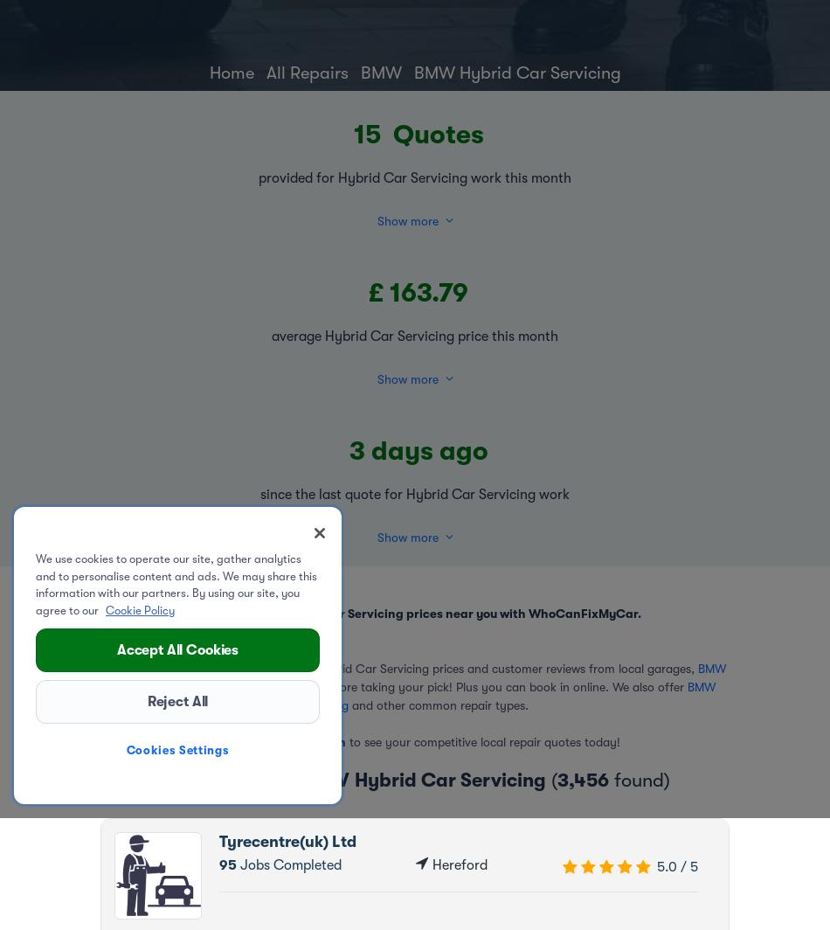 This screenshot has height=930, width=830. Describe the element at coordinates (258, 177) in the screenshot. I see `'provided
for Hybrid Car Servicing
work this month'` at that location.